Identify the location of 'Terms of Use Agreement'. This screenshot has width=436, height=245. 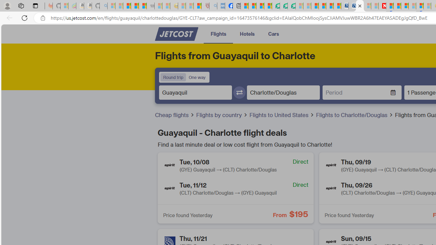
(283, 6).